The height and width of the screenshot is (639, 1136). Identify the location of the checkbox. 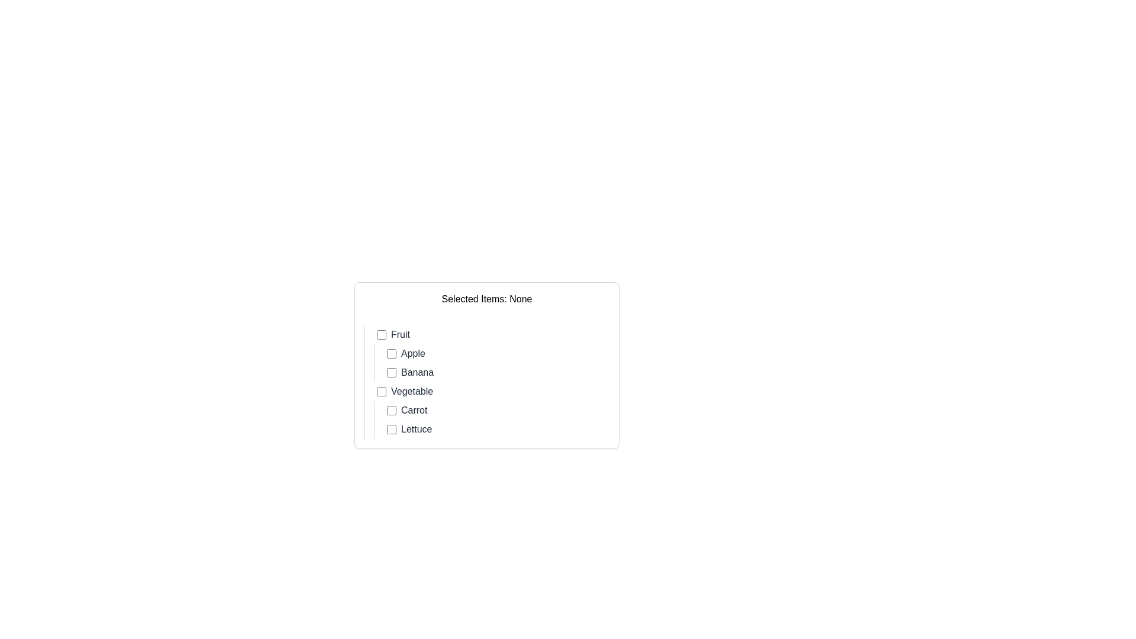
(497, 353).